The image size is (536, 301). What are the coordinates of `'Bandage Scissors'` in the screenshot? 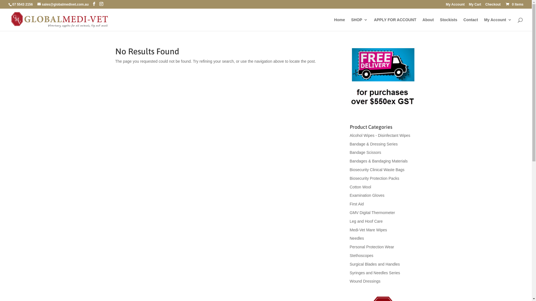 It's located at (349, 152).